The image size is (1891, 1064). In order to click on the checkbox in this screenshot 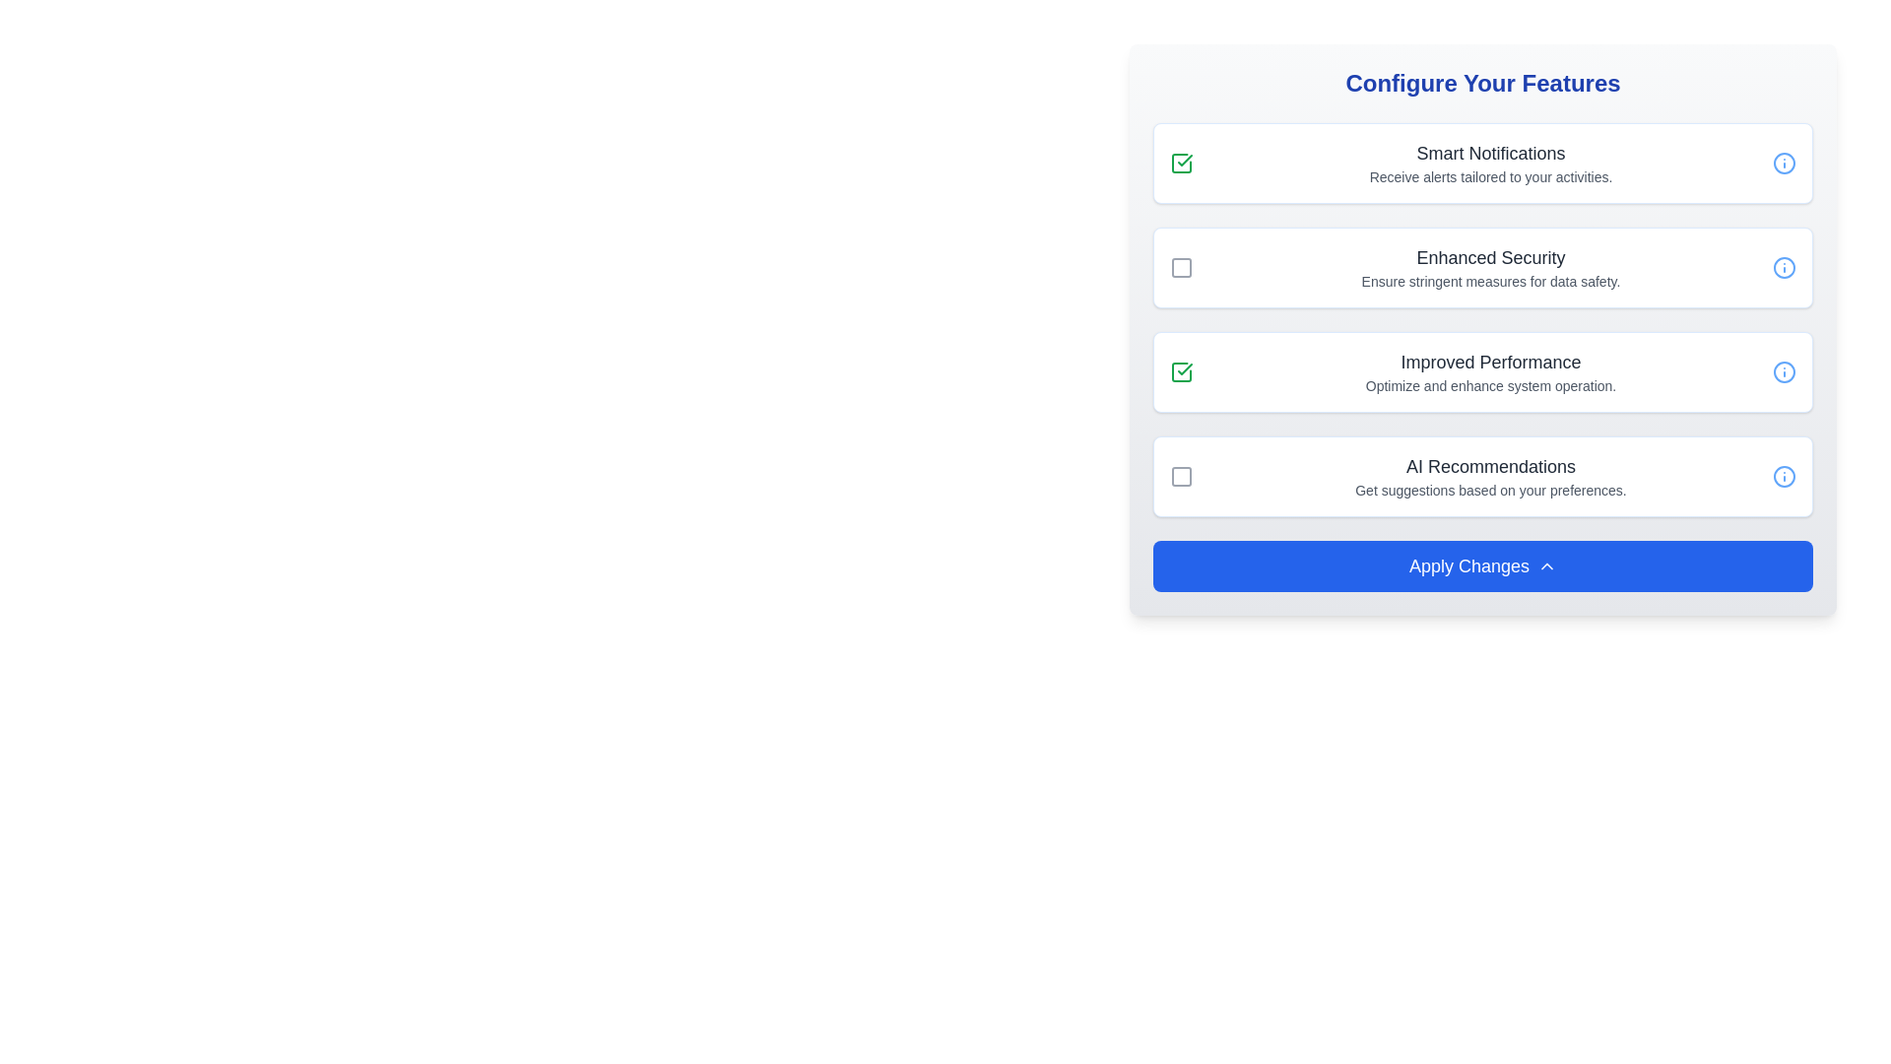, I will do `click(1182, 268)`.